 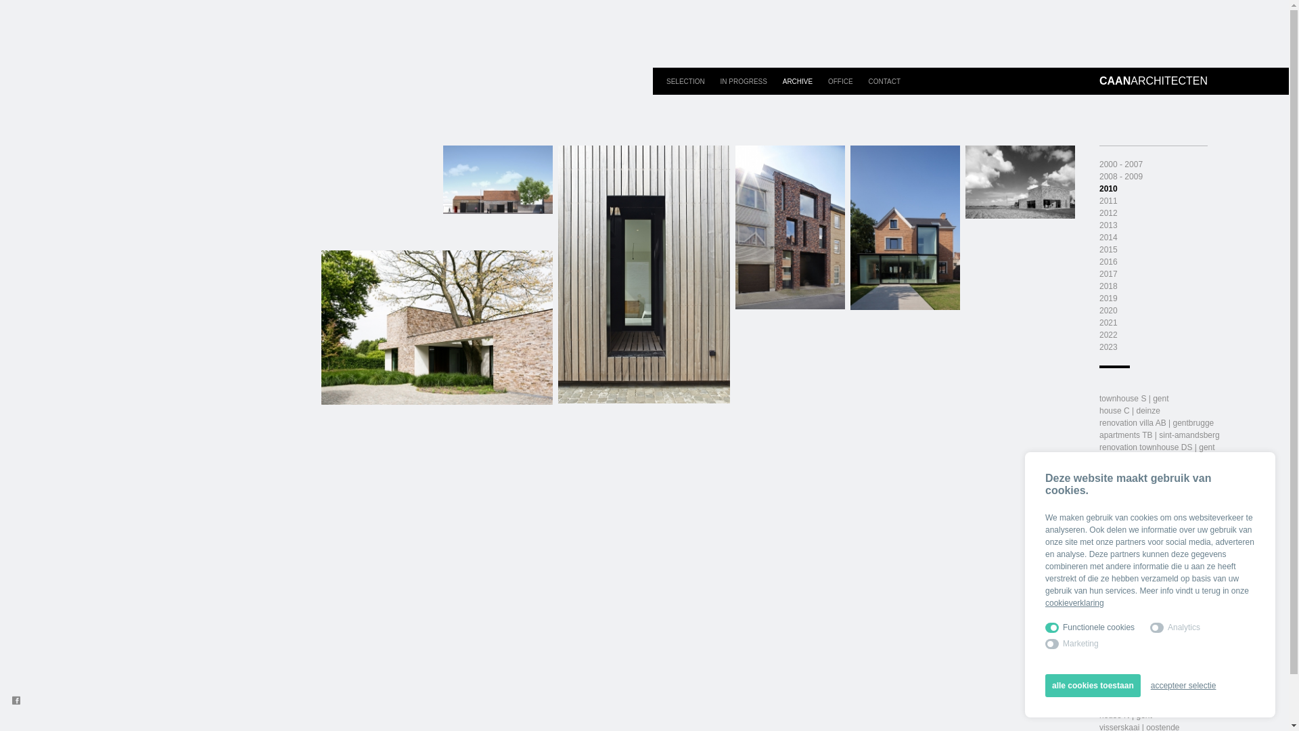 I want to click on 'alle cookies toestaan', so click(x=1093, y=686).